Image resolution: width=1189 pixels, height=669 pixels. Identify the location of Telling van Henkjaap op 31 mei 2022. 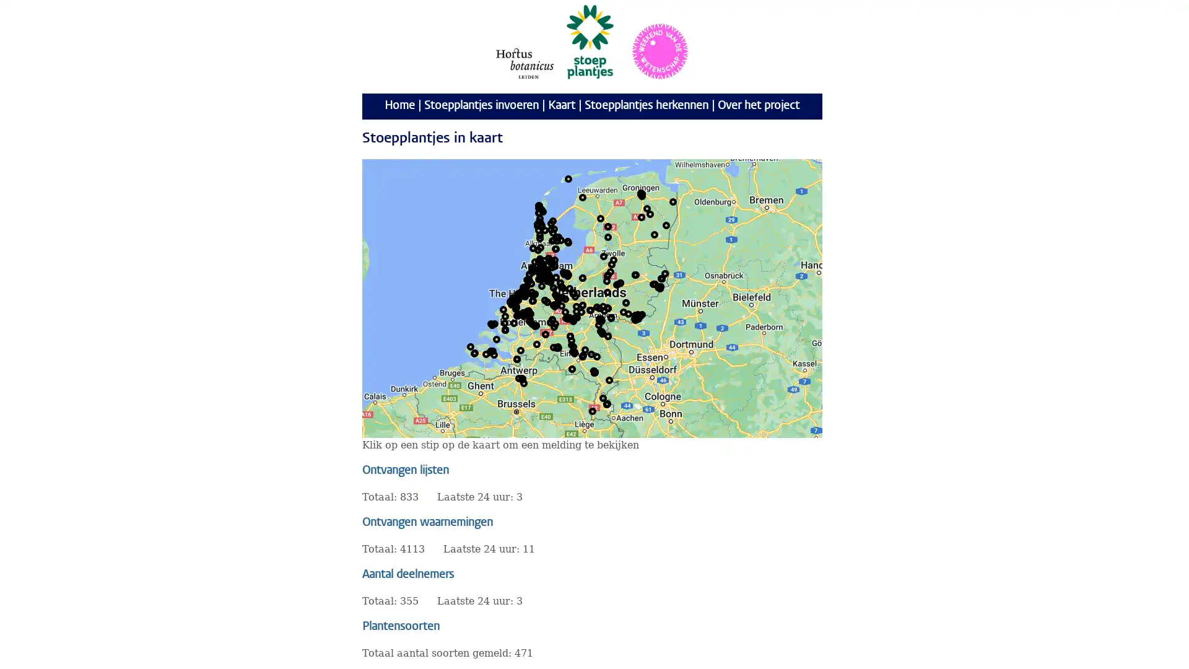
(505, 329).